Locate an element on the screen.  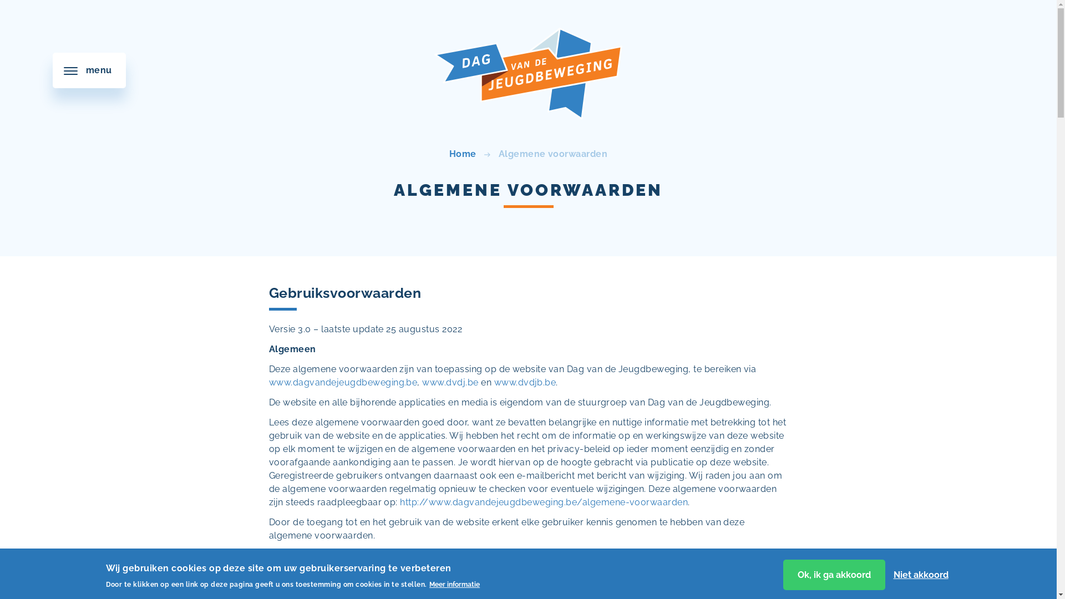
'Niet akkoord' is located at coordinates (920, 574).